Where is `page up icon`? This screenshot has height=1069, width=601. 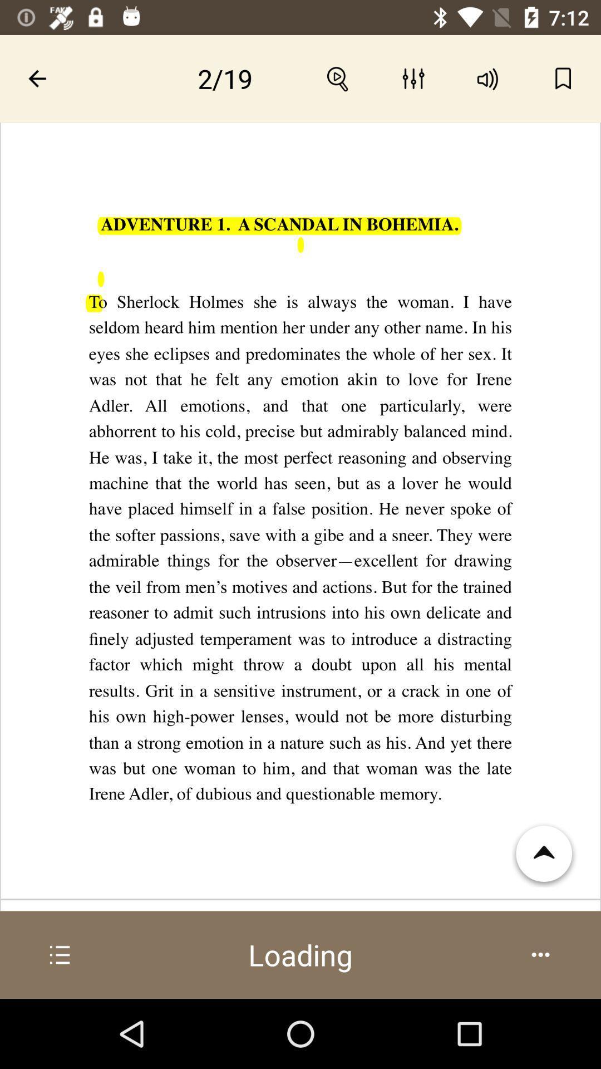 page up icon is located at coordinates (544, 854).